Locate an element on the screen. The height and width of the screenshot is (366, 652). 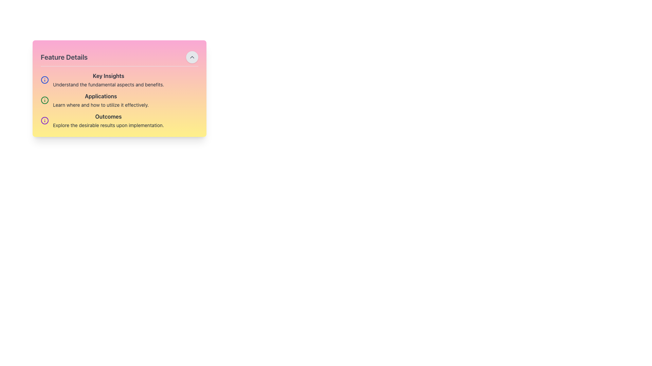
the green circular icon with an information symbol located next to the 'Applications' heading in the 'Feature Details' section for additional details is located at coordinates (44, 100).